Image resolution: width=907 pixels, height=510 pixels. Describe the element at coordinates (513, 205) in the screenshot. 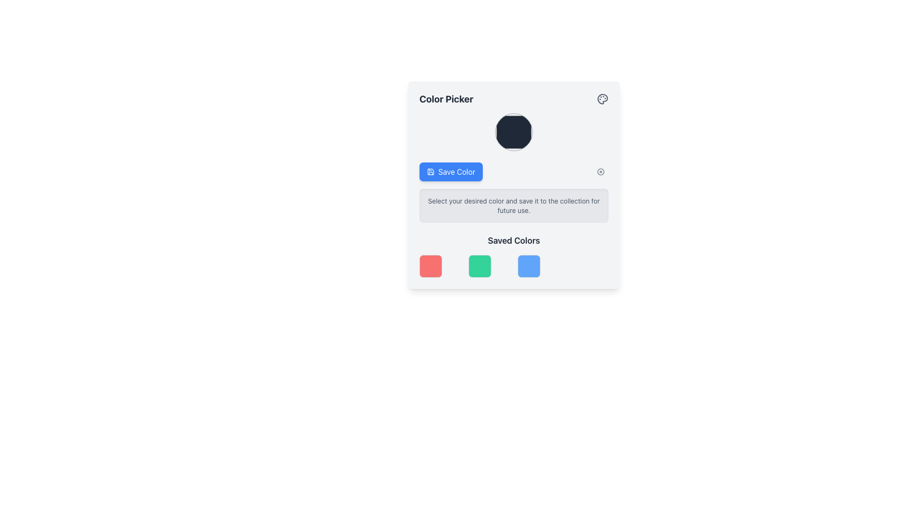

I see `the text block containing the instruction 'Select your desired color and save it to the collection for future use.' which is located below the blue 'Save Color' button` at that location.